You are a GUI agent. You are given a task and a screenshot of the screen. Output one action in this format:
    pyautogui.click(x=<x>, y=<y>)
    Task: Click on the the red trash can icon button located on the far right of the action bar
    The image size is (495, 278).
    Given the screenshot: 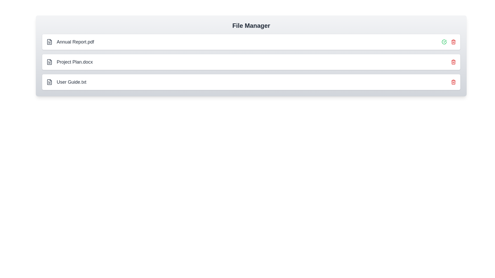 What is the action you would take?
    pyautogui.click(x=453, y=41)
    